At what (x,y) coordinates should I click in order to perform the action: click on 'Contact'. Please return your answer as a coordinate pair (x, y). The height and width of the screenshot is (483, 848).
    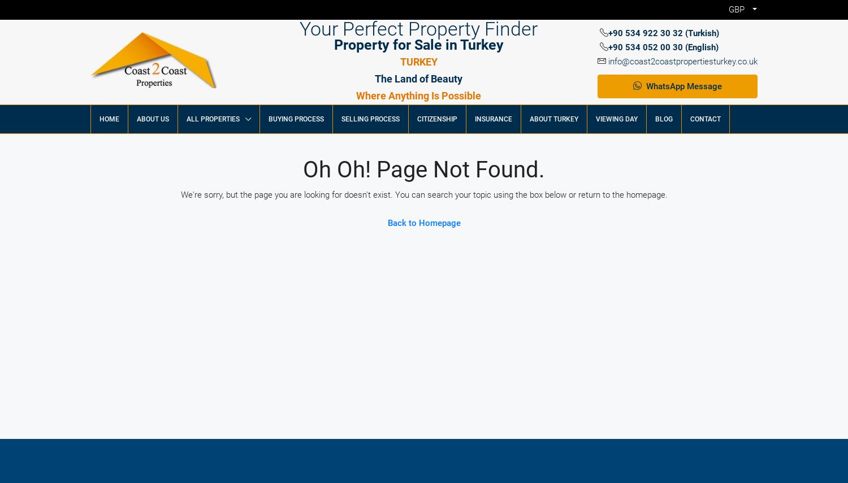
    Looking at the image, I should click on (705, 119).